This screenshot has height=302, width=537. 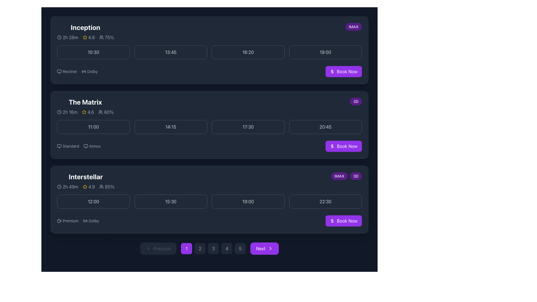 What do you see at coordinates (270, 248) in the screenshot?
I see `the 'Next' button located at the bottom-right corner of the interface` at bounding box center [270, 248].